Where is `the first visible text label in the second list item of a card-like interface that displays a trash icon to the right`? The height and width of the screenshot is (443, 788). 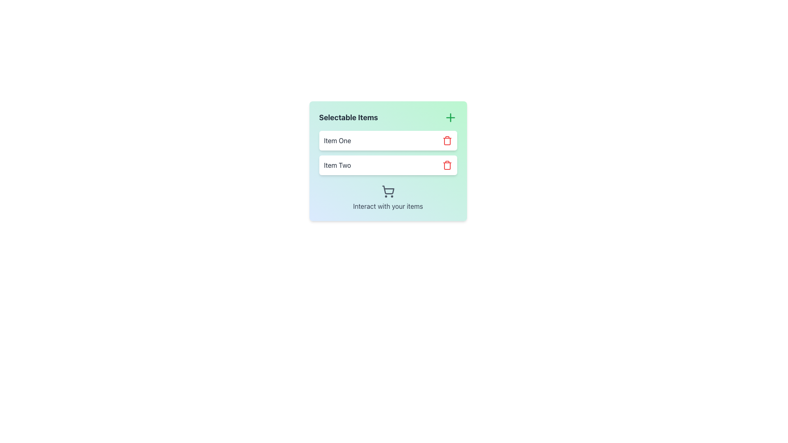
the first visible text label in the second list item of a card-like interface that displays a trash icon to the right is located at coordinates (337, 165).